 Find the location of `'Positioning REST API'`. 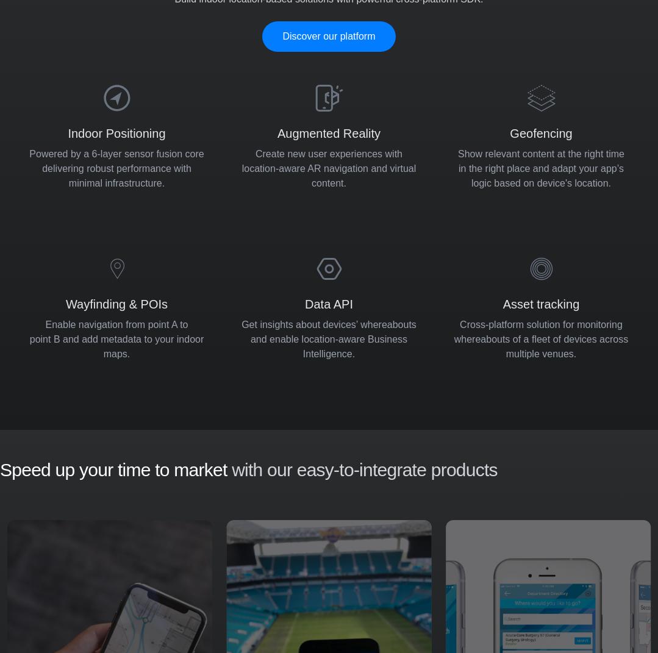

'Positioning REST API' is located at coordinates (321, 521).